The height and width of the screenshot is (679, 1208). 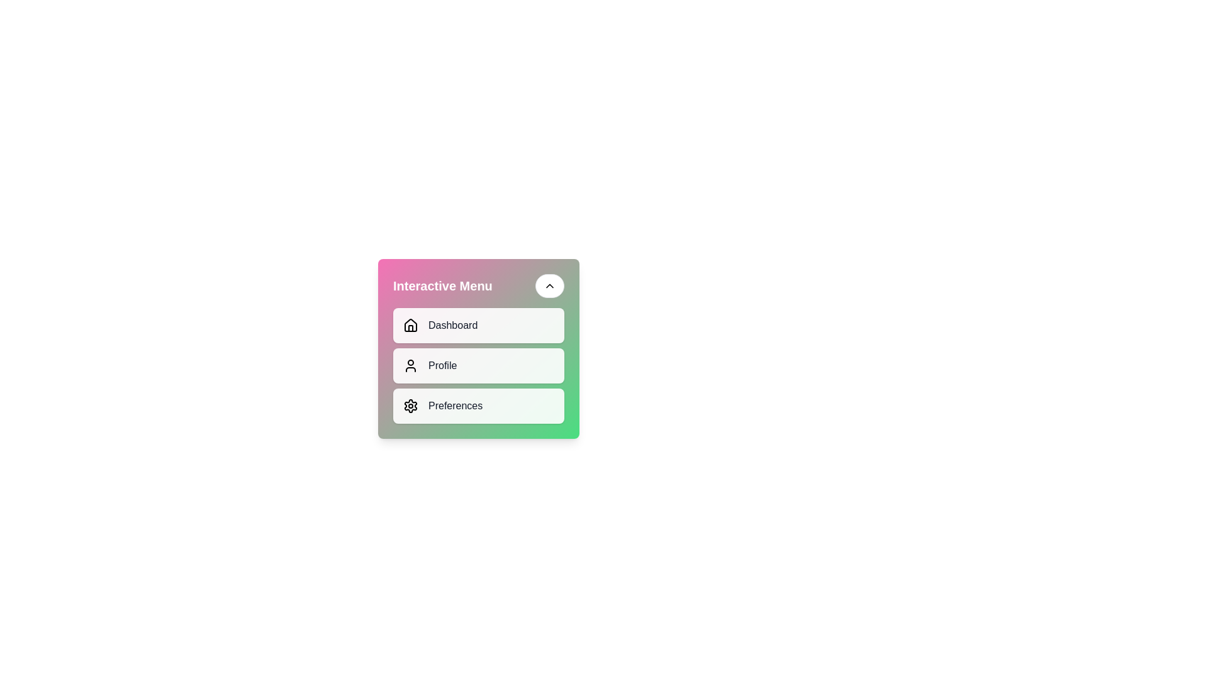 I want to click on the upward-pointing chevron icon button, which is styled with a black outline and located within a circular white button, positioned centrally above the menu panel, so click(x=549, y=286).